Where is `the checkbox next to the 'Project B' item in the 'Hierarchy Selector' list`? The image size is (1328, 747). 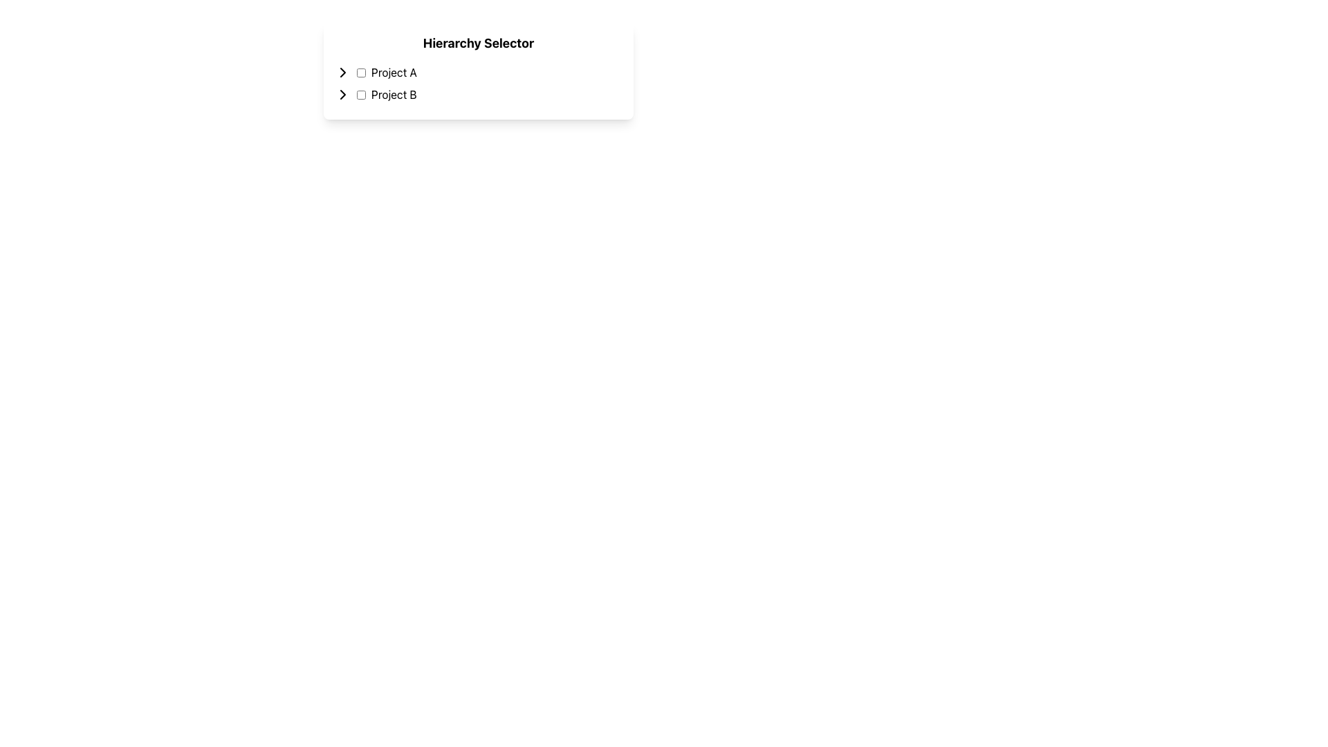 the checkbox next to the 'Project B' item in the 'Hierarchy Selector' list is located at coordinates (478, 94).